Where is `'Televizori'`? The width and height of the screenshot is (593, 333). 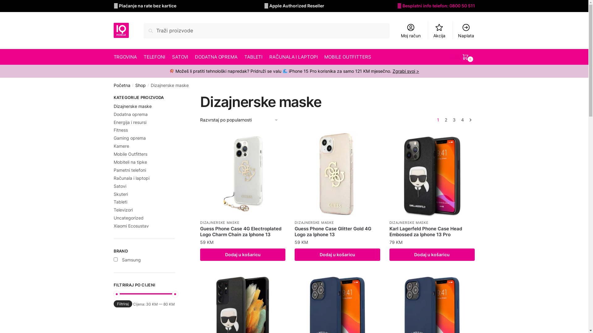
'Televizori' is located at coordinates (114, 209).